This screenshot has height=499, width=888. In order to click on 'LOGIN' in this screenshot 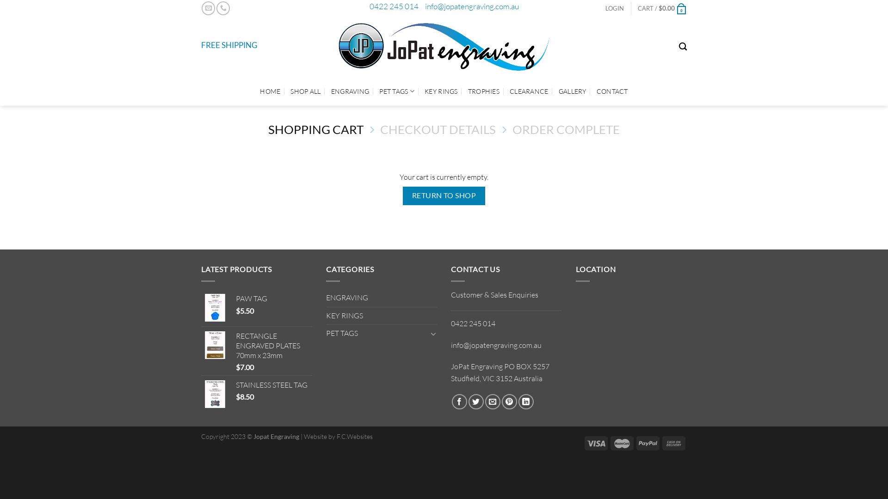, I will do `click(615, 8)`.